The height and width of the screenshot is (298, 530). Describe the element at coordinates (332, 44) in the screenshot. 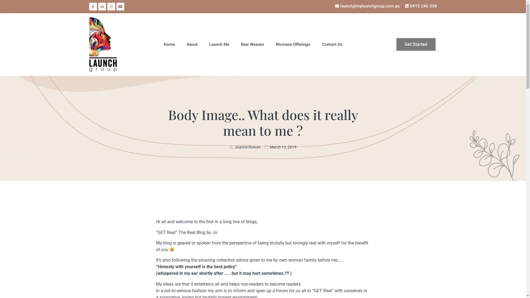

I see `'Contact Us'` at that location.